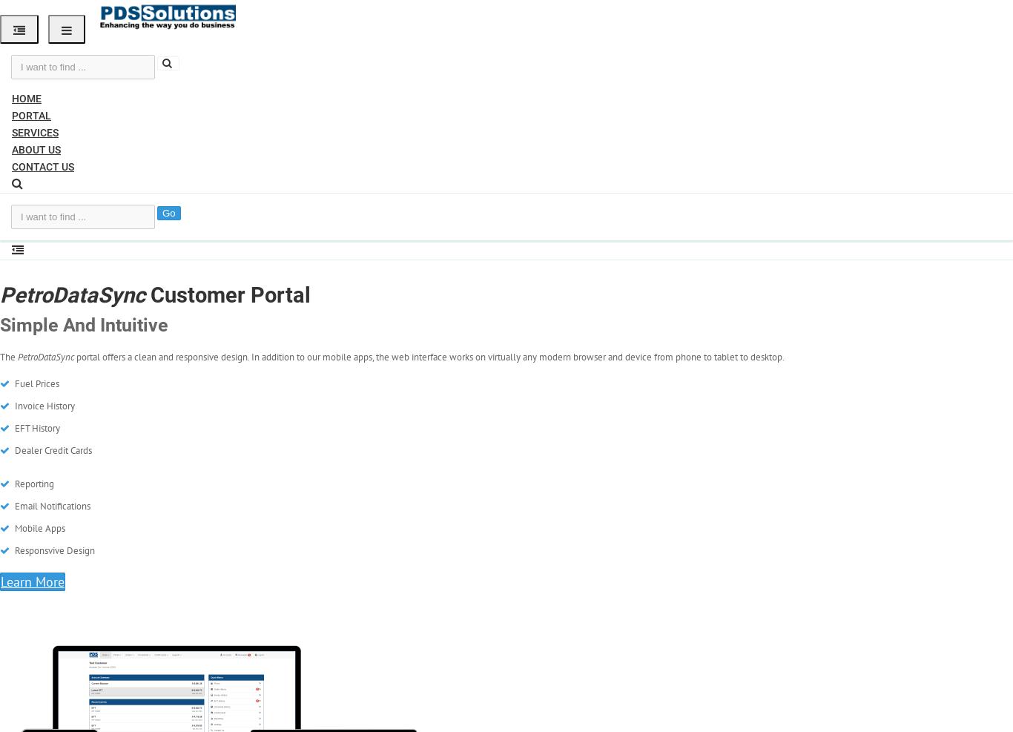 The width and height of the screenshot is (1013, 732). I want to click on 'Go', so click(168, 212).